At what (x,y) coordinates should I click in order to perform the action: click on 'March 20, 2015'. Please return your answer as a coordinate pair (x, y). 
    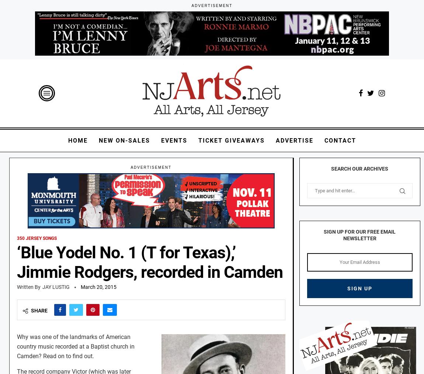
    Looking at the image, I should click on (98, 287).